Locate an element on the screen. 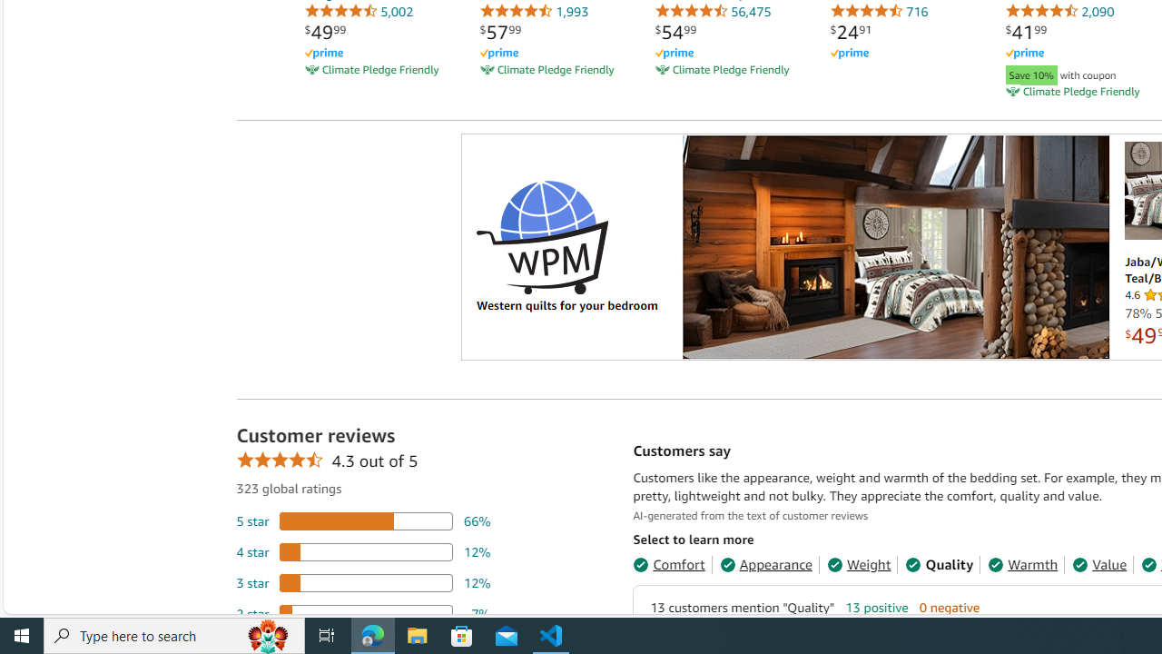 The image size is (1162, 654). '716' is located at coordinates (879, 11).